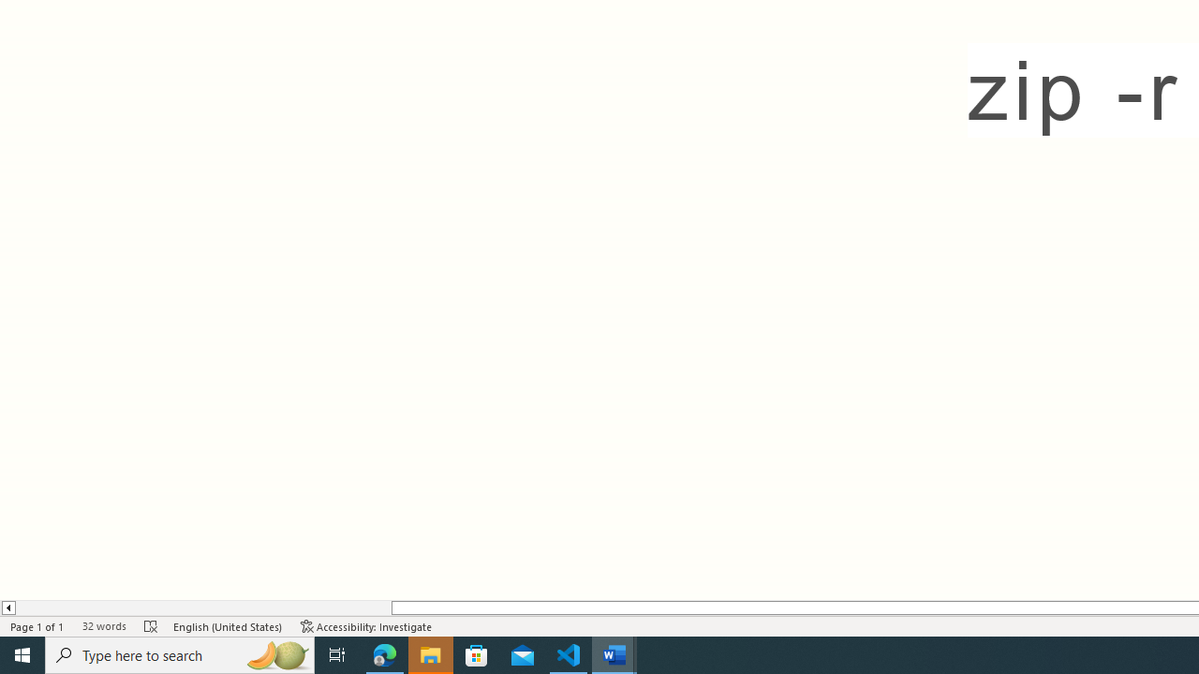  I want to click on 'Word Count 32 words', so click(103, 626).